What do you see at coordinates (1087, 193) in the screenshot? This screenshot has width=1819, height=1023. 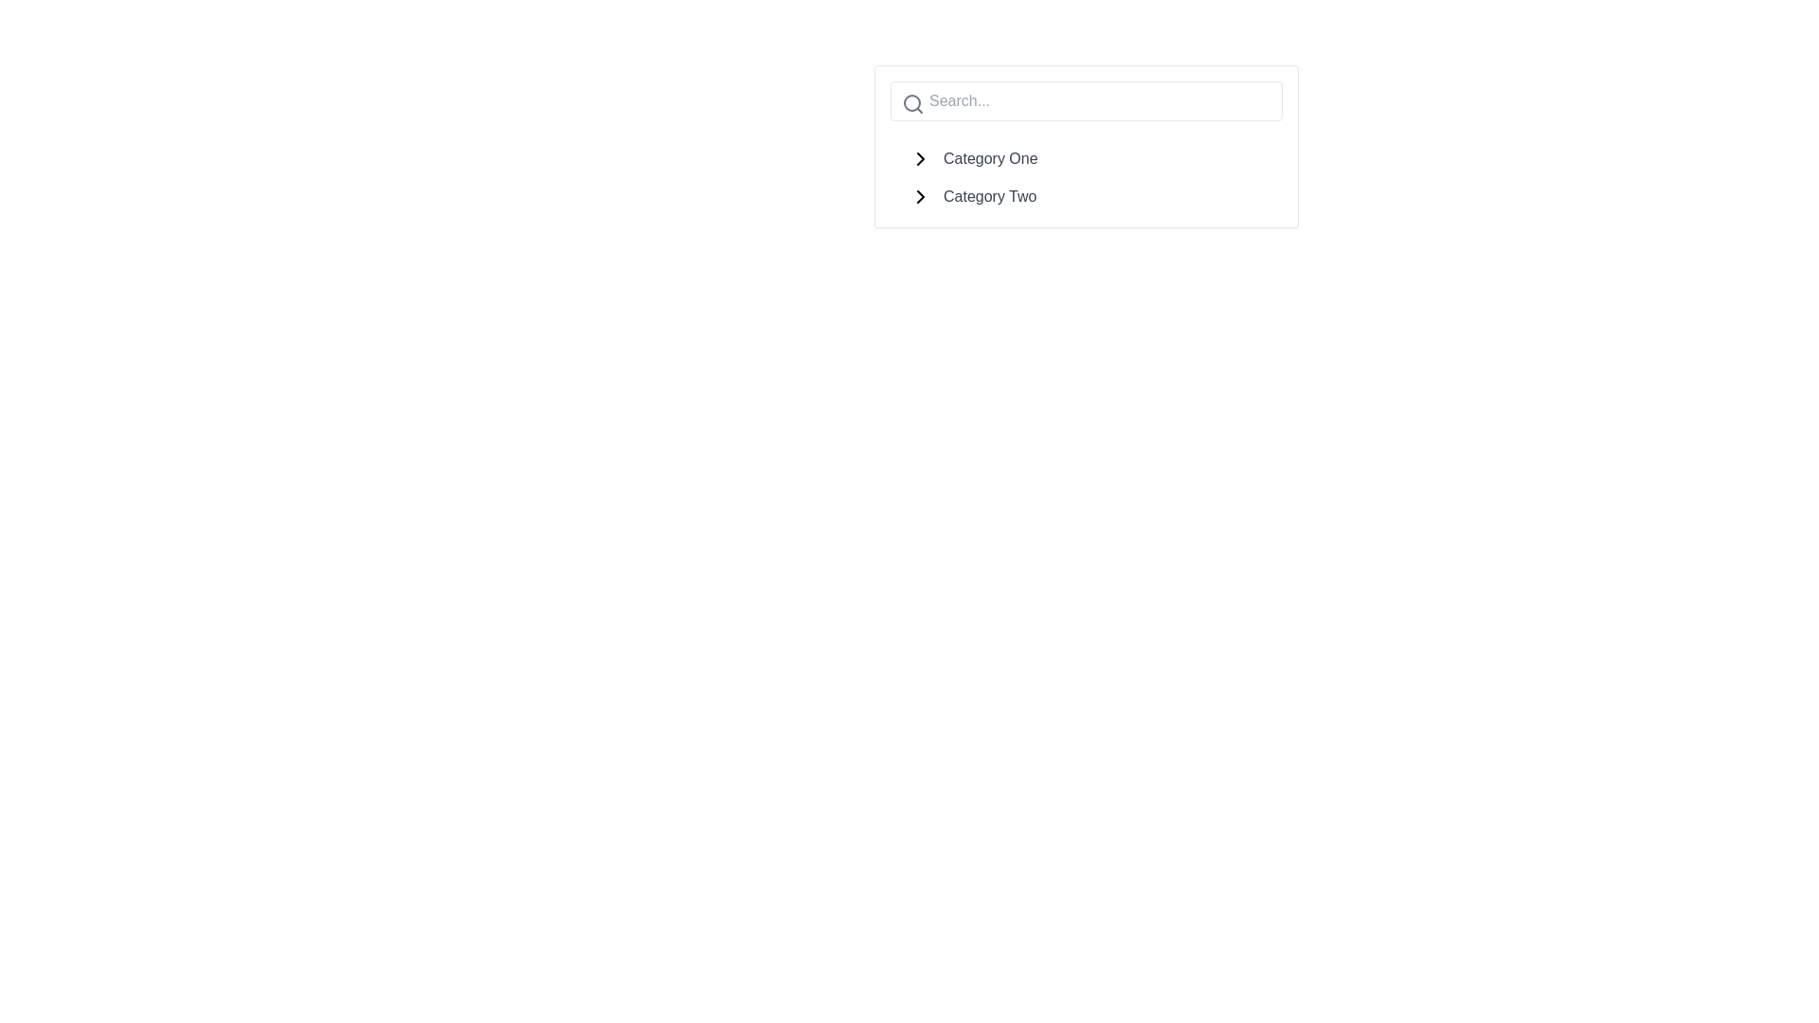 I see `the second menu item in the list, which is related to 'Category Two'` at bounding box center [1087, 193].